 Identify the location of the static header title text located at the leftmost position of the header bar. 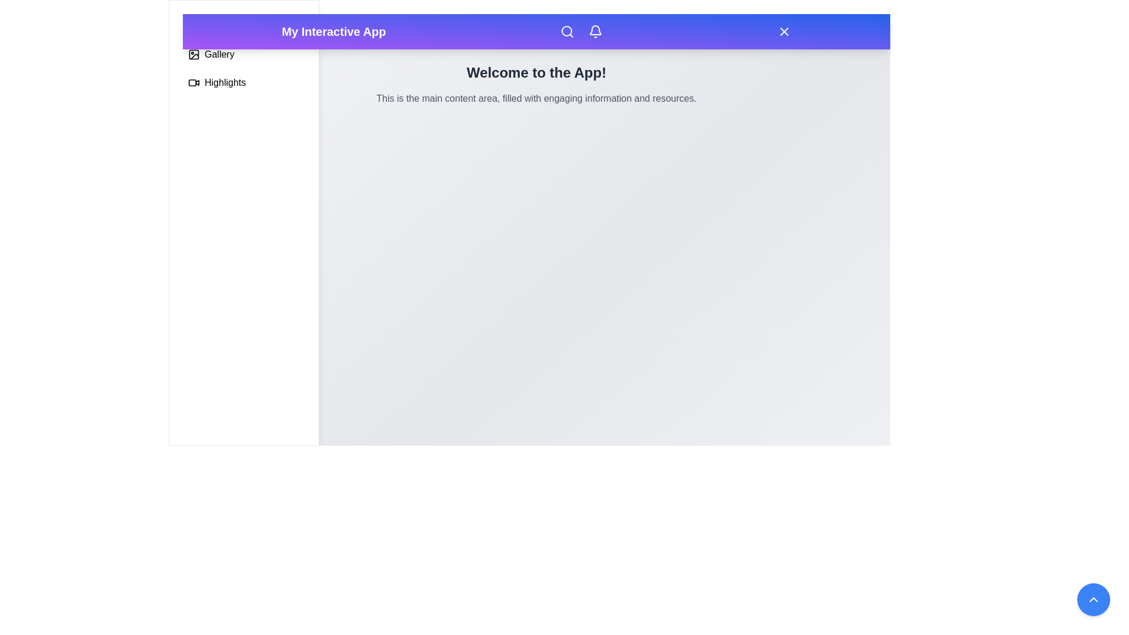
(333, 31).